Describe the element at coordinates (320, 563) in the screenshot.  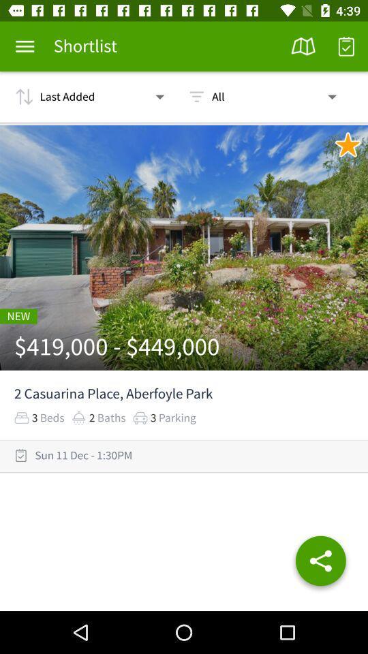
I see `share the article` at that location.